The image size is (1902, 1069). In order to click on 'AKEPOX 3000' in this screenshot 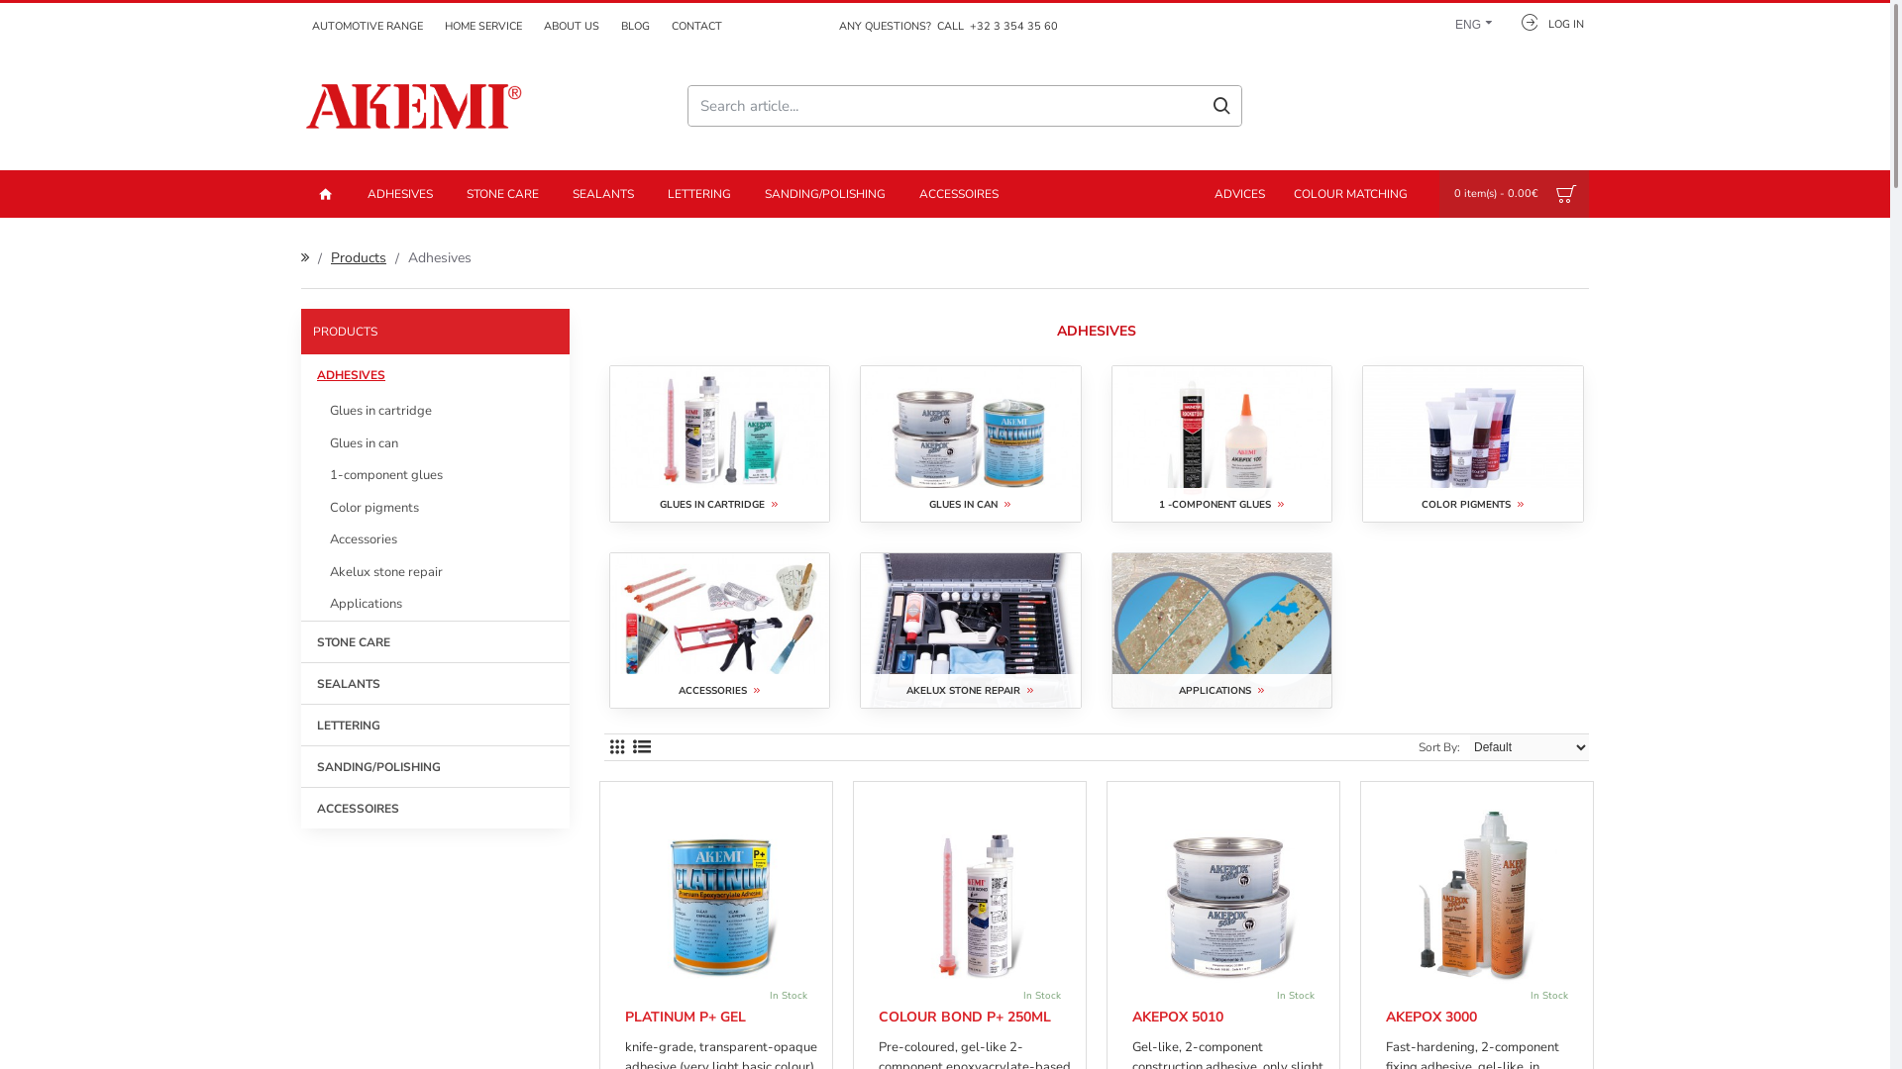, I will do `click(1430, 1018)`.